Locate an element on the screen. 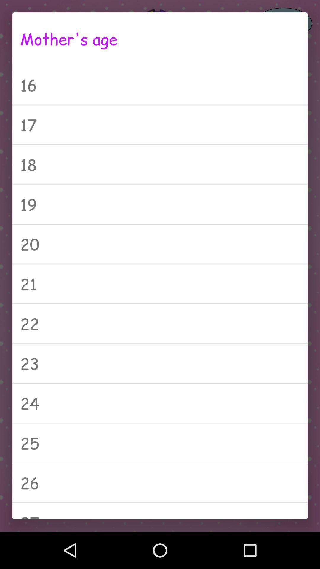  the 24 item is located at coordinates (160, 403).